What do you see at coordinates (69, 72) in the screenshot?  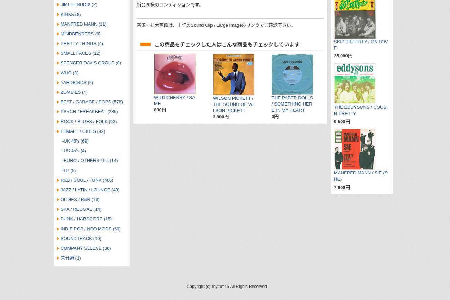 I see `'WHO (3)'` at bounding box center [69, 72].